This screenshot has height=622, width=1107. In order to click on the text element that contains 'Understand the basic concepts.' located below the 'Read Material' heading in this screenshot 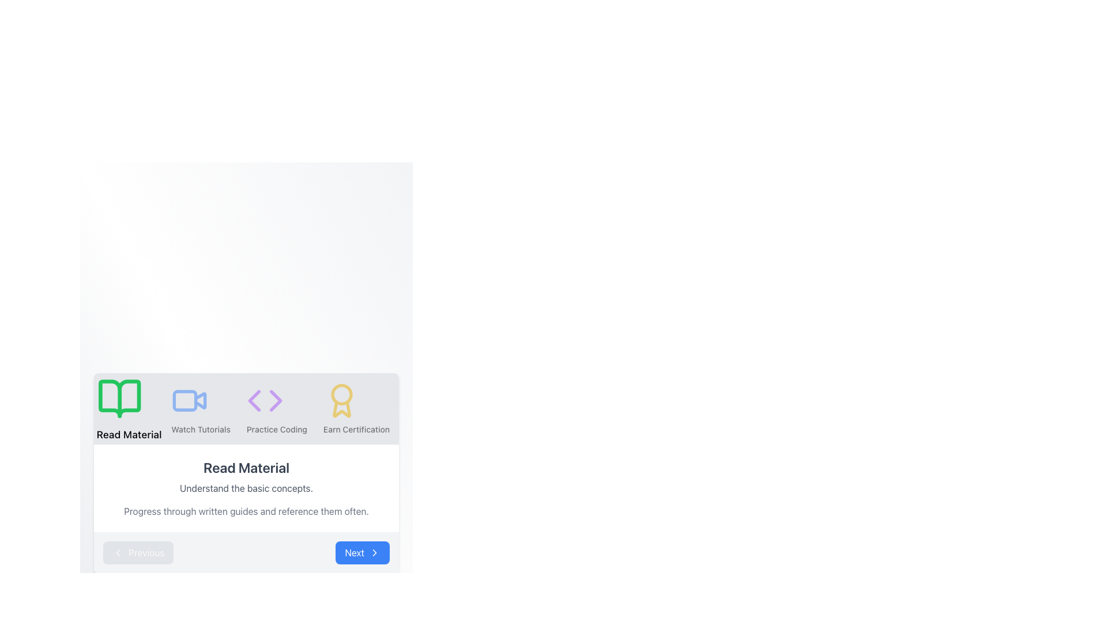, I will do `click(246, 488)`.